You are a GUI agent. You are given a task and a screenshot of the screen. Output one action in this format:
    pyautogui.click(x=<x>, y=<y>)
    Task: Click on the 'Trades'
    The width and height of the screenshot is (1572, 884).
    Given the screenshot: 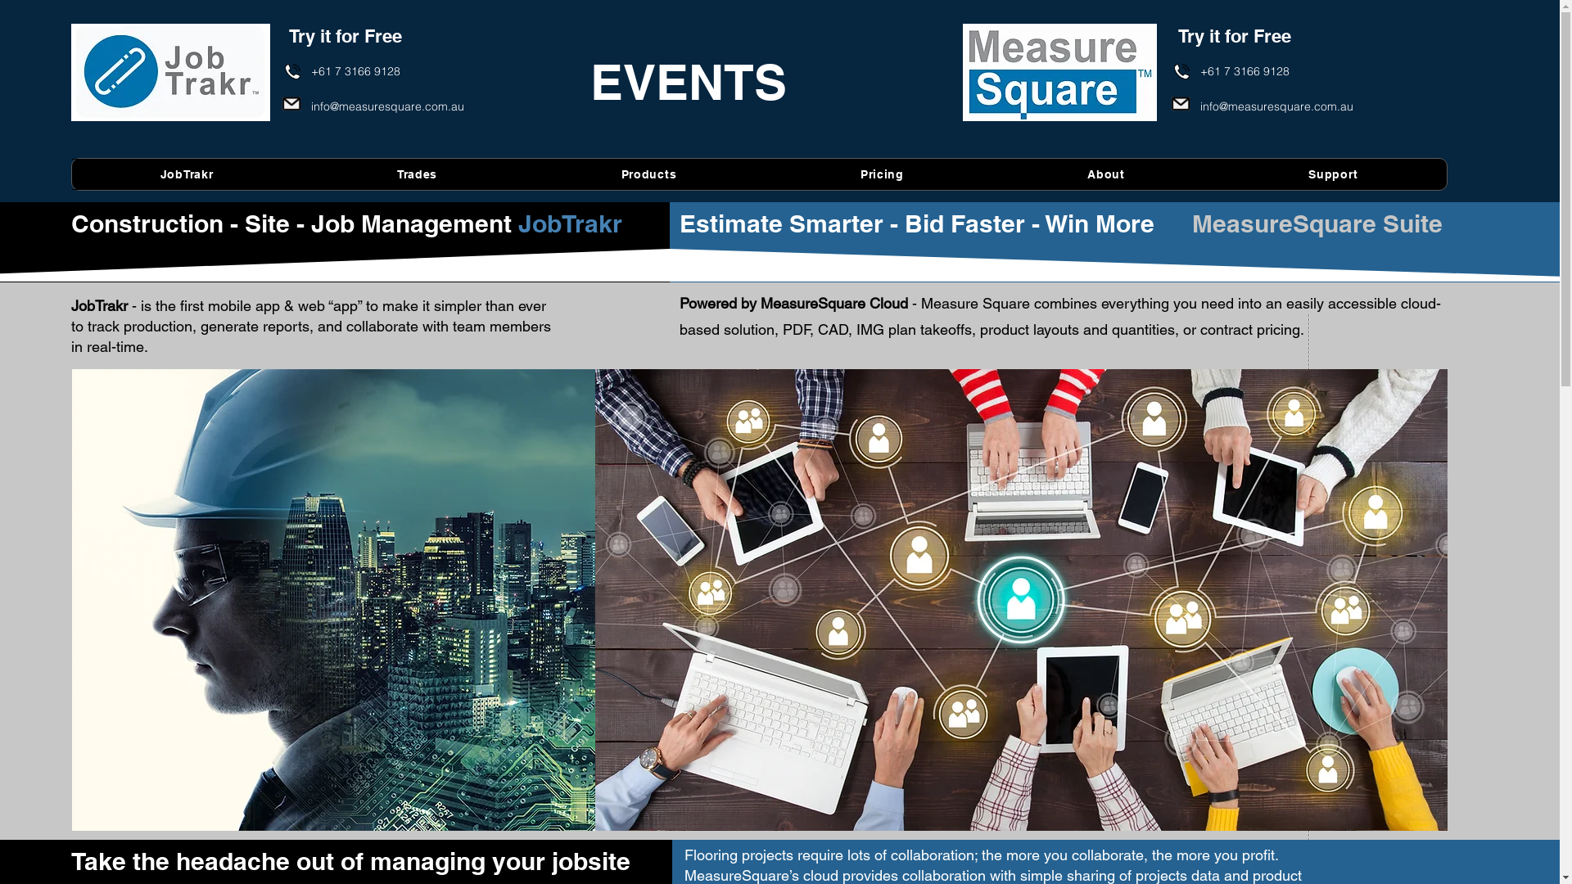 What is the action you would take?
    pyautogui.click(x=417, y=174)
    